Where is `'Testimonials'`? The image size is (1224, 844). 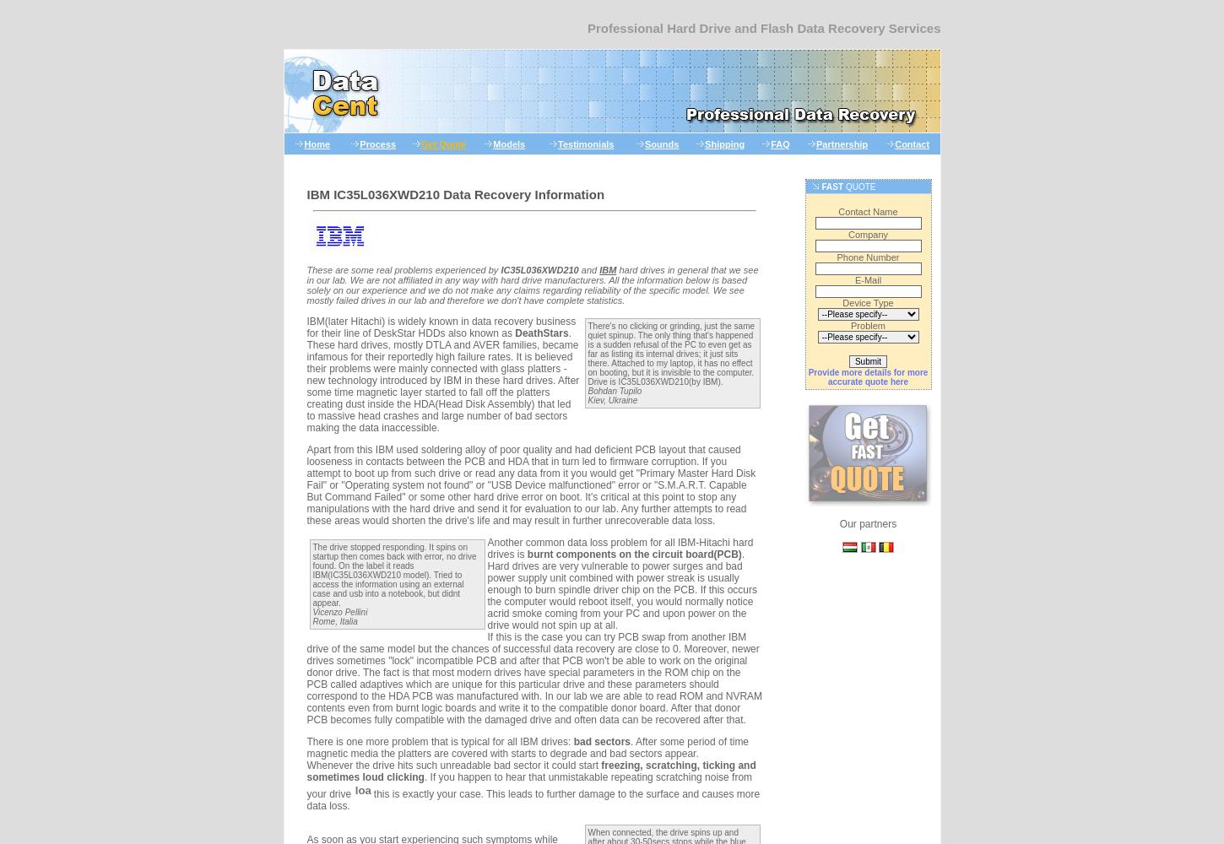 'Testimonials' is located at coordinates (584, 143).